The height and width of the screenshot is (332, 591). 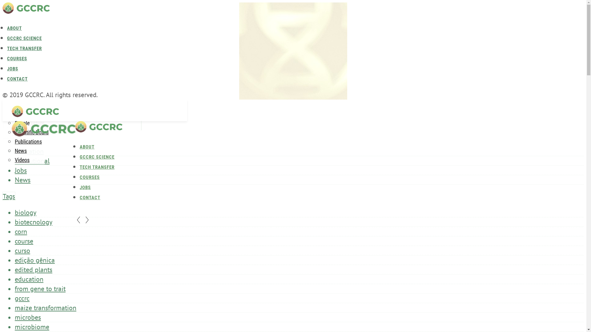 What do you see at coordinates (79, 147) in the screenshot?
I see `'ABOUT'` at bounding box center [79, 147].